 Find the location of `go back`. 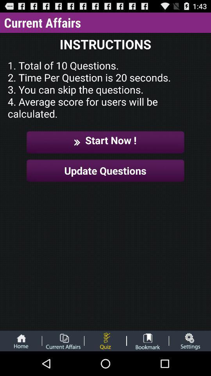

go back is located at coordinates (21, 340).